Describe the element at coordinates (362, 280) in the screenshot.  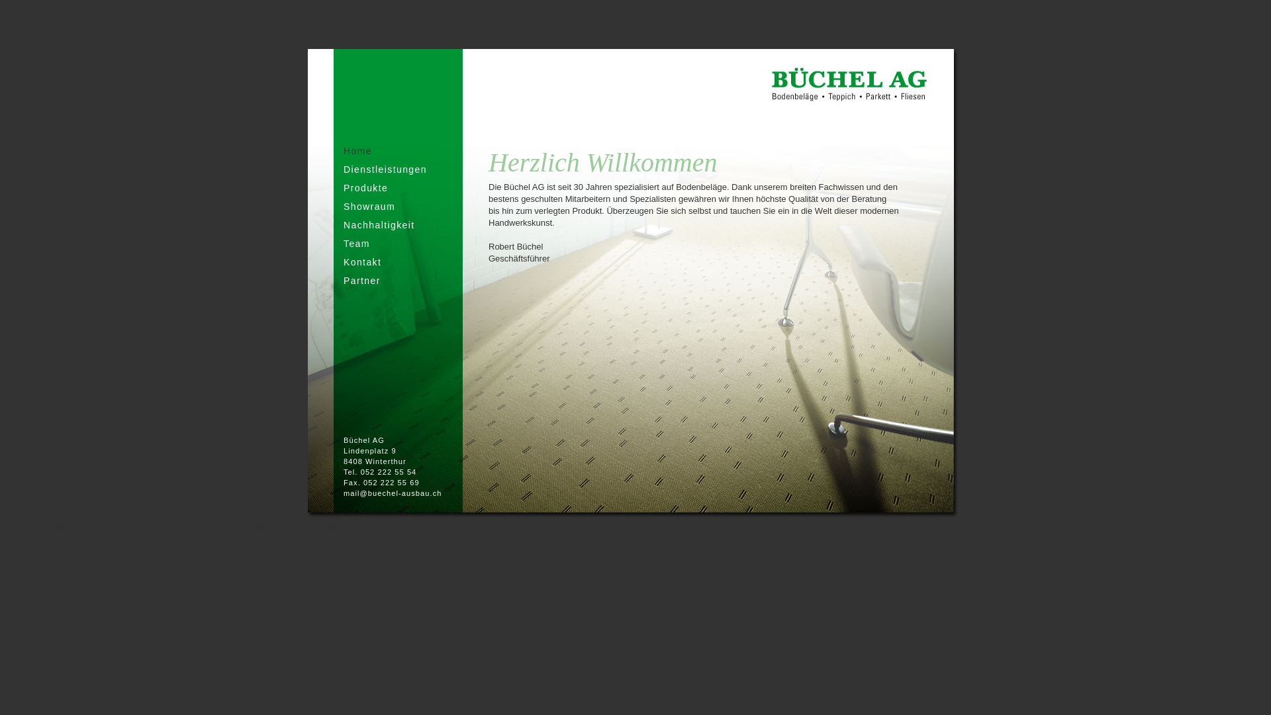
I see `'Partner'` at that location.